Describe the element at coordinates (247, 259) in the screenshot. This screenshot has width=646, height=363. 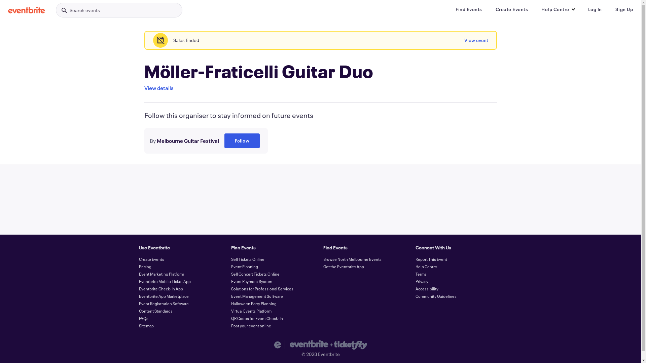
I see `'Sell Tickets Online'` at that location.